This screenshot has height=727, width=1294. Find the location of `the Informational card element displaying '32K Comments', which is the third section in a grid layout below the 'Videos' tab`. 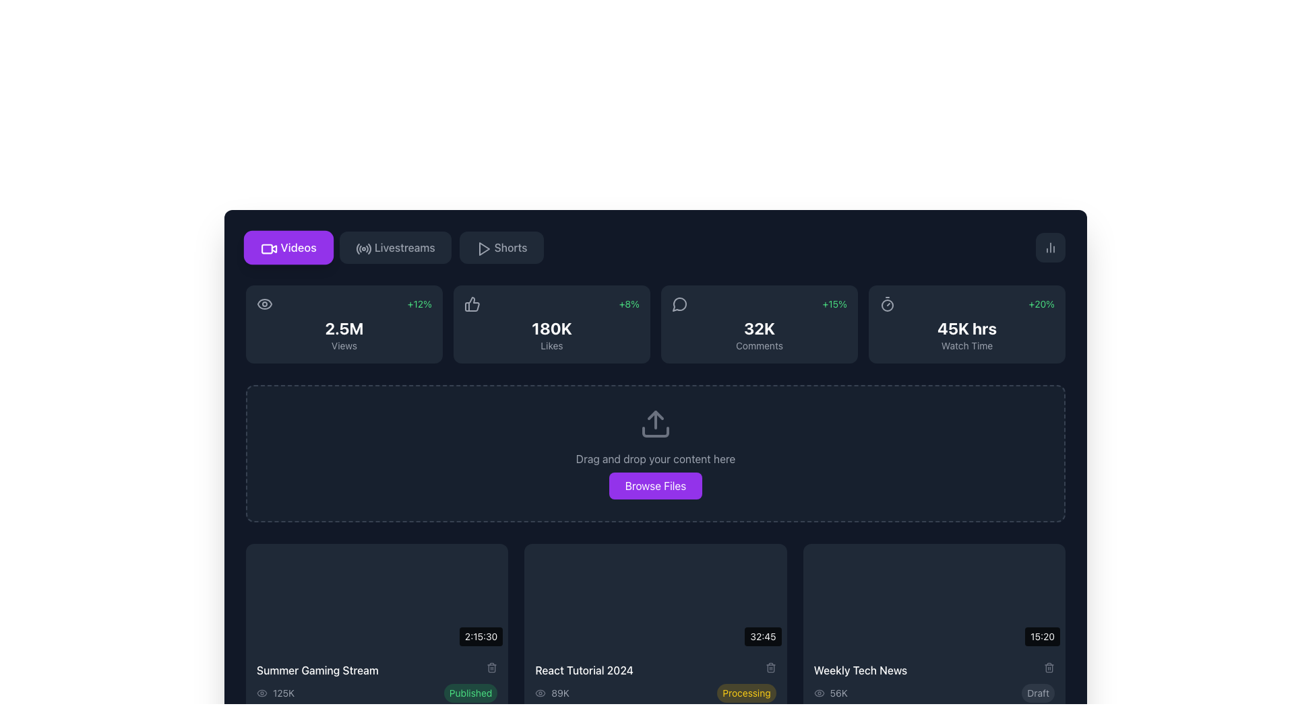

the Informational card element displaying '32K Comments', which is the third section in a grid layout below the 'Videos' tab is located at coordinates (760, 324).